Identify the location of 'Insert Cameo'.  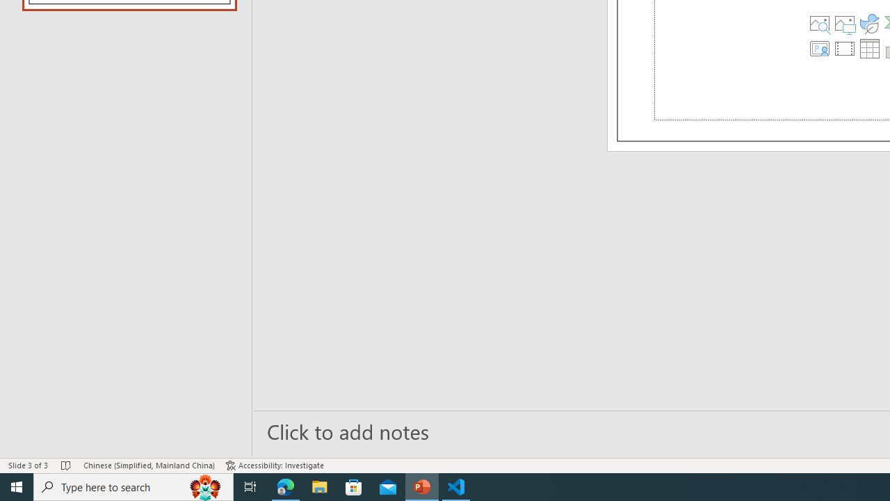
(819, 47).